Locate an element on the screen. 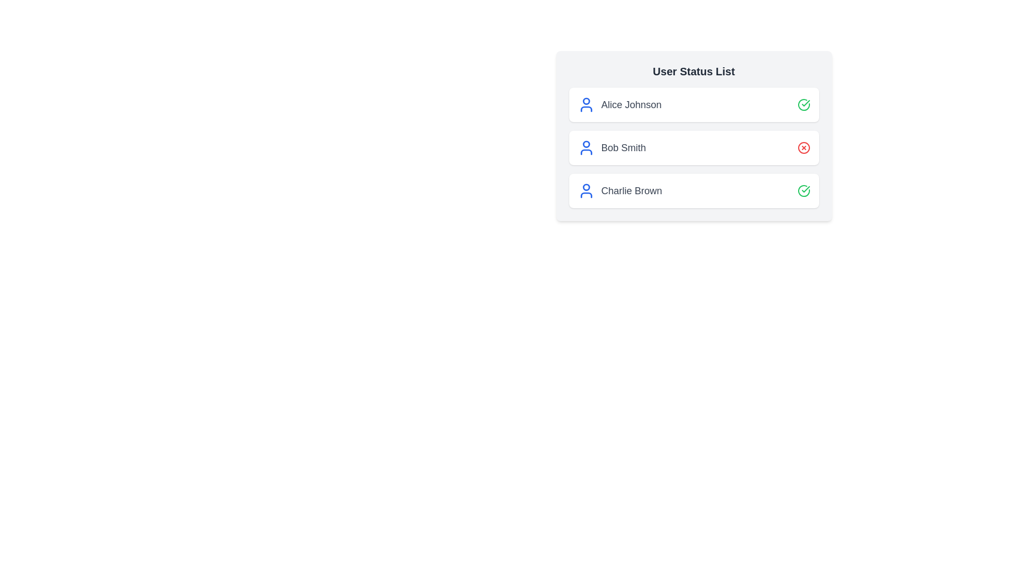 The width and height of the screenshot is (1034, 581). the user name Bob Smith to view their details is located at coordinates (623, 147).